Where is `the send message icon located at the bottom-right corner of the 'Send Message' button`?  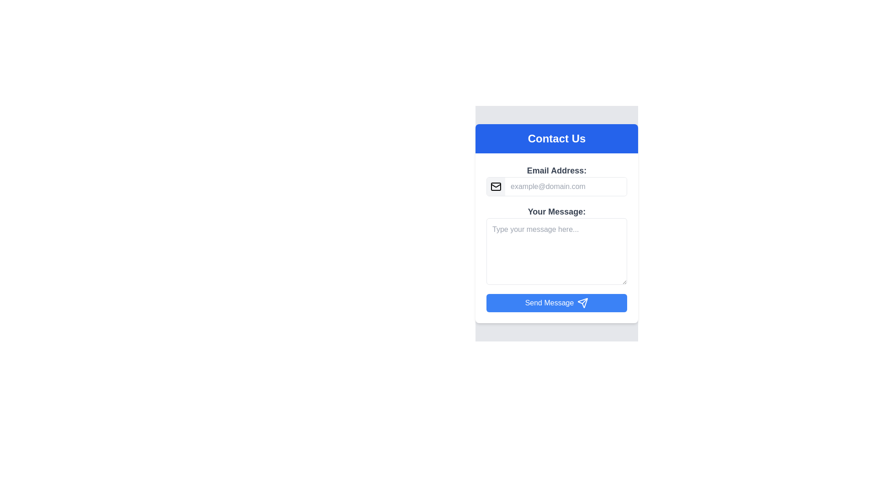
the send message icon located at the bottom-right corner of the 'Send Message' button is located at coordinates (582, 303).